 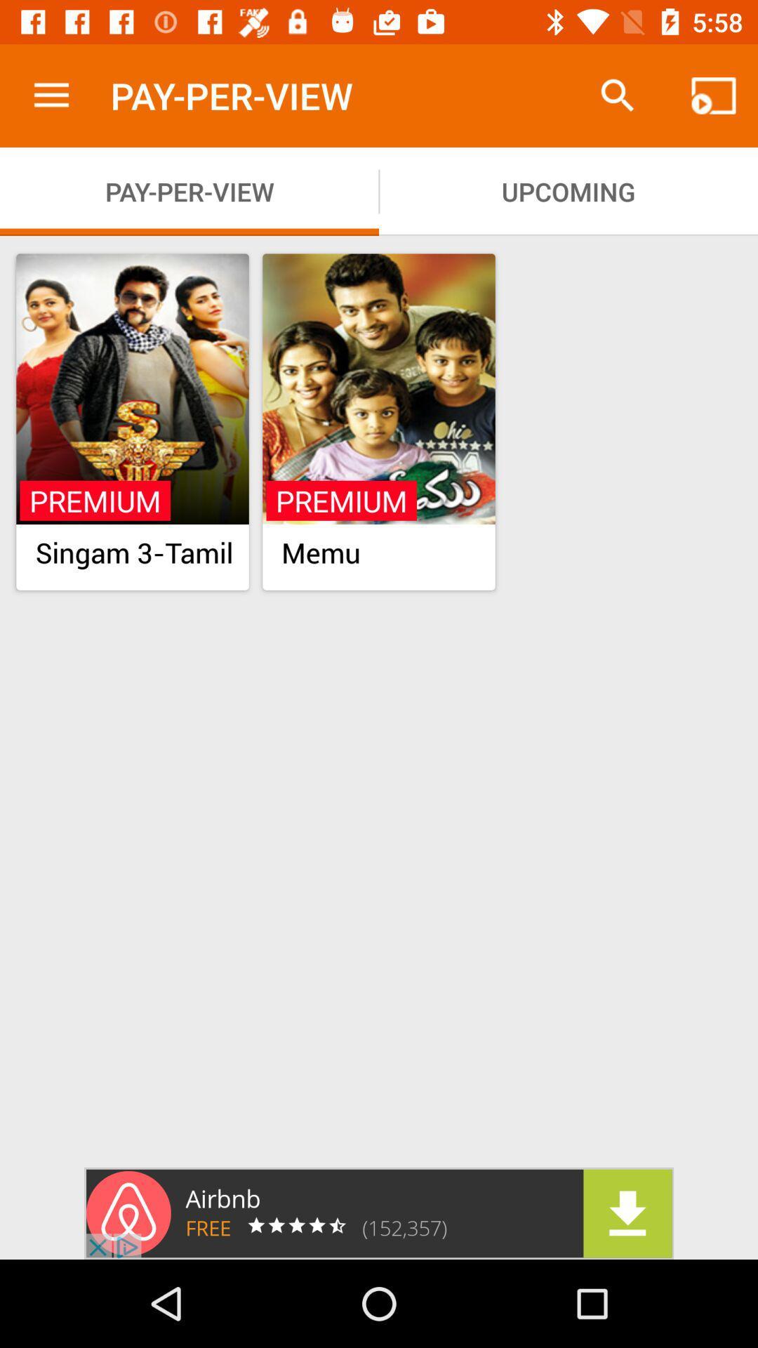 What do you see at coordinates (379, 1212) in the screenshot?
I see `sponsored content` at bounding box center [379, 1212].